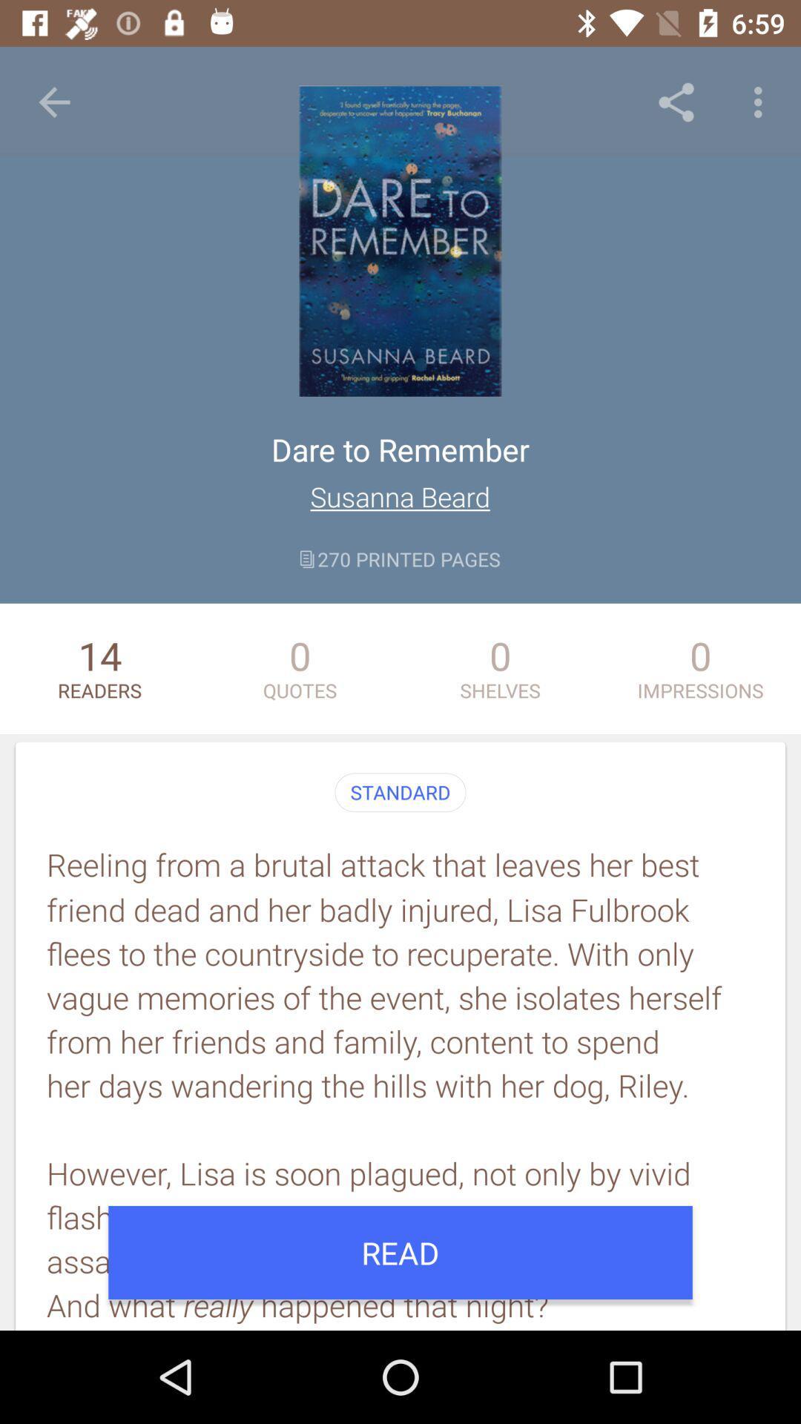  I want to click on item above the 270 printed pages item, so click(399, 496).